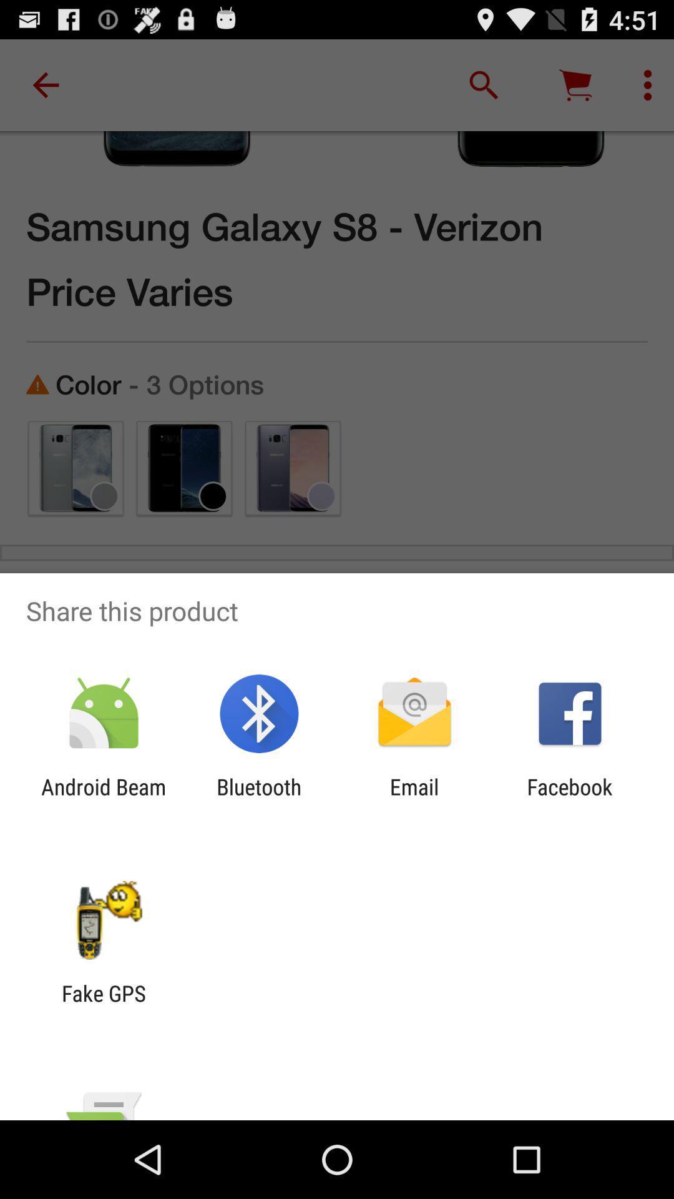 The image size is (674, 1199). What do you see at coordinates (103, 800) in the screenshot?
I see `app next to bluetooth icon` at bounding box center [103, 800].